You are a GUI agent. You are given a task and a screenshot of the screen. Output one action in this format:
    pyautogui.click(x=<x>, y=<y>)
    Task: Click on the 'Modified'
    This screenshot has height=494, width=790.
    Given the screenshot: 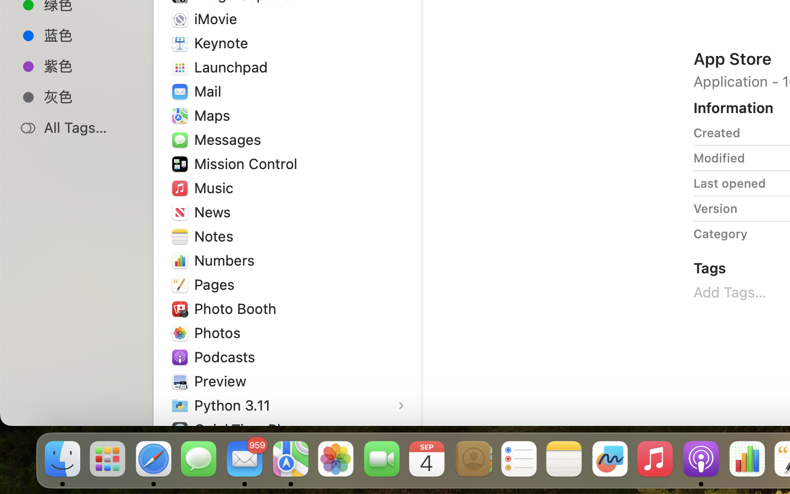 What is the action you would take?
    pyautogui.click(x=719, y=158)
    